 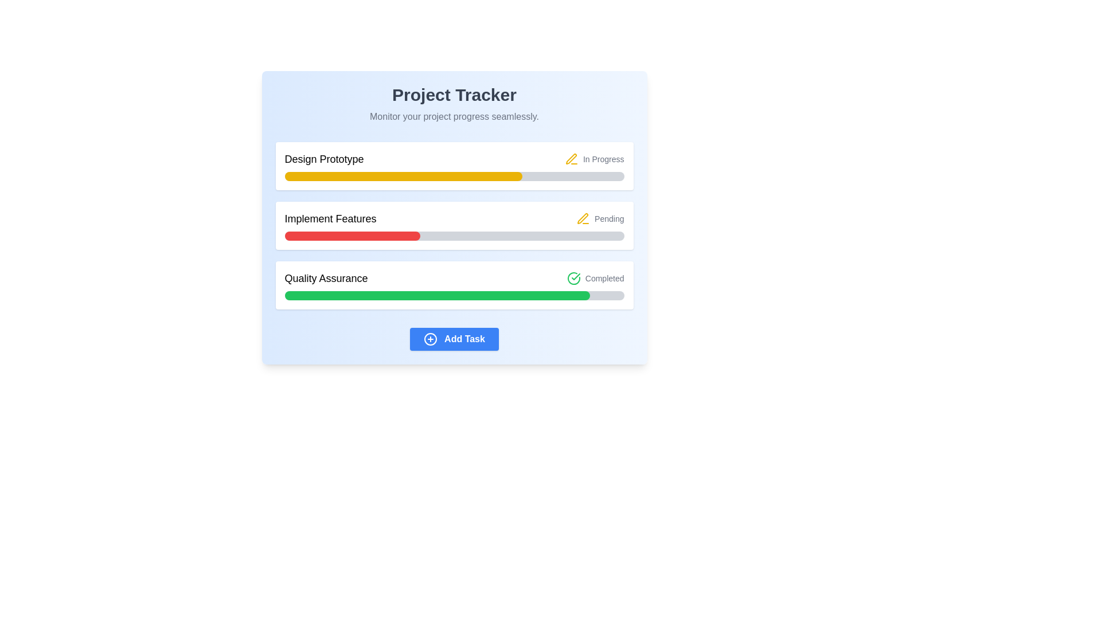 What do you see at coordinates (454, 166) in the screenshot?
I see `the task title of the Information card labeled 'Design Prototype', which is the first item in a list of tasks and includes a progress bar and status indicator` at bounding box center [454, 166].